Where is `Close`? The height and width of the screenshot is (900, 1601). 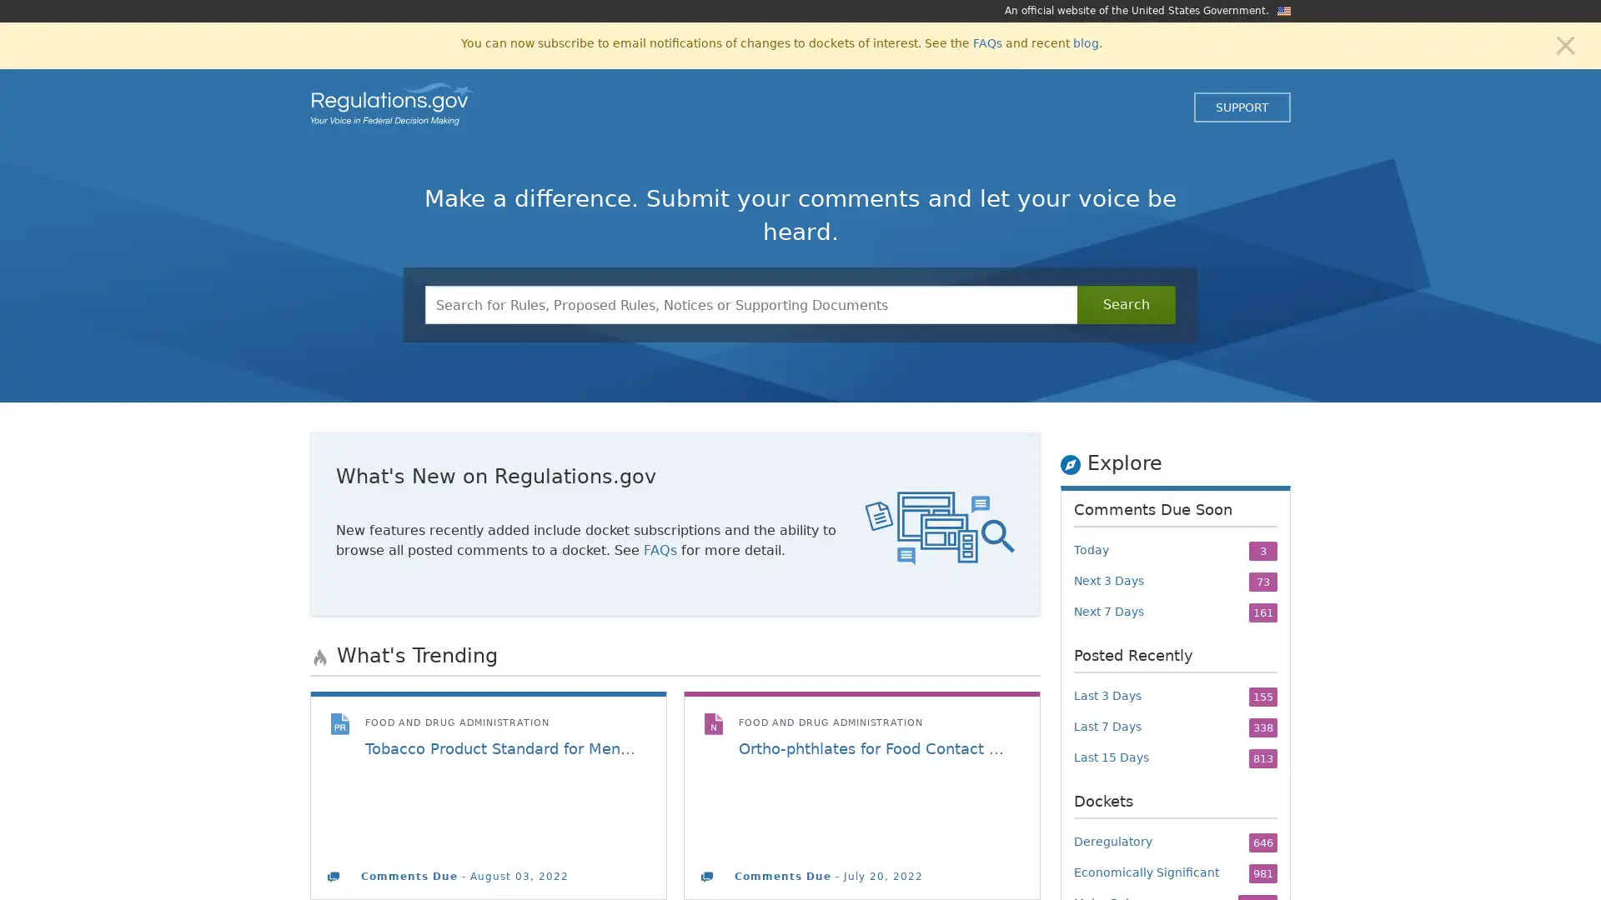
Close is located at coordinates (1564, 43).